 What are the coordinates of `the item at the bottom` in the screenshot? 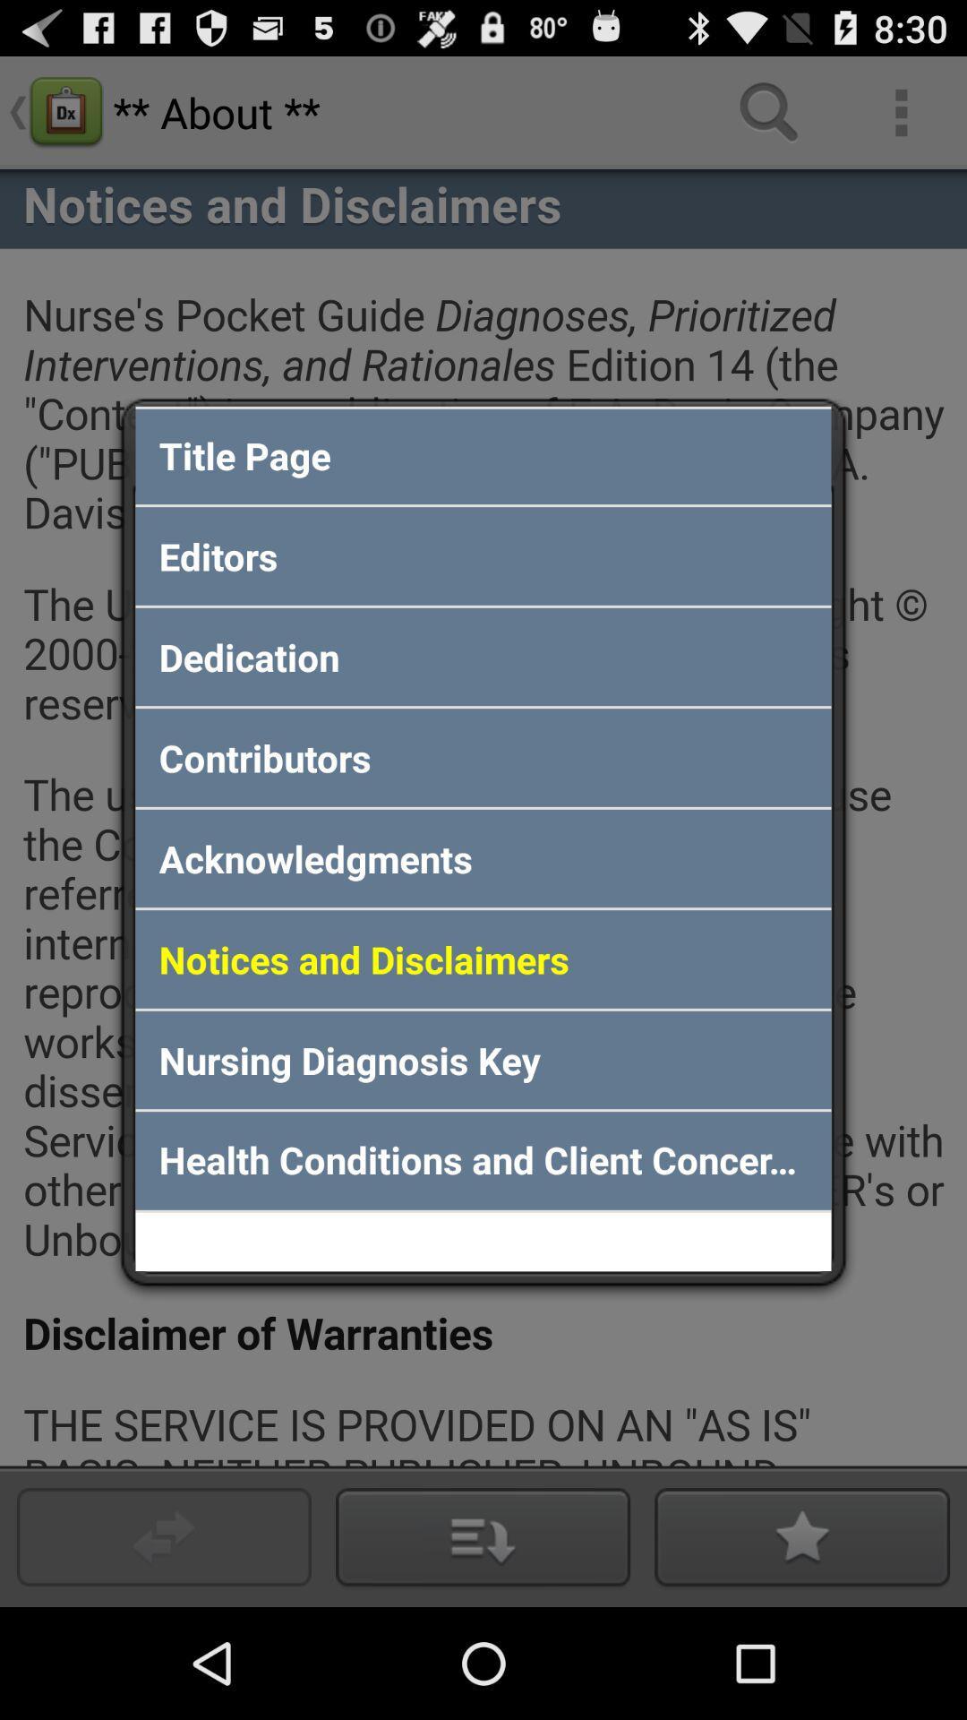 It's located at (483, 1161).